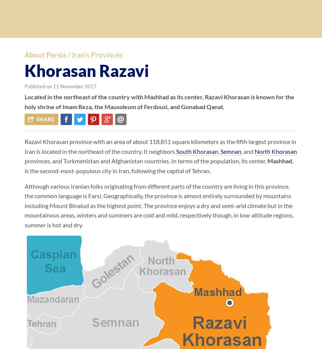 The width and height of the screenshot is (322, 349). Describe the element at coordinates (86, 70) in the screenshot. I see `'Khorasan Razavi'` at that location.